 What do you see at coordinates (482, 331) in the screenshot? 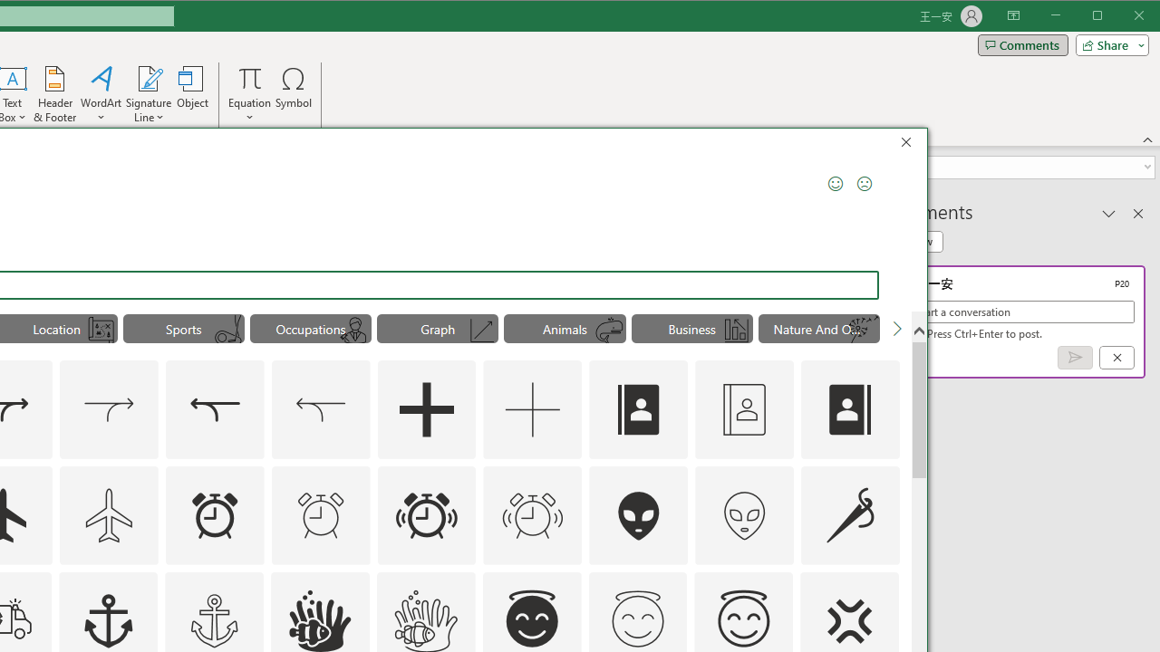
I see `'AutomationID: Icons_LinearGraph_LTR_M'` at bounding box center [482, 331].